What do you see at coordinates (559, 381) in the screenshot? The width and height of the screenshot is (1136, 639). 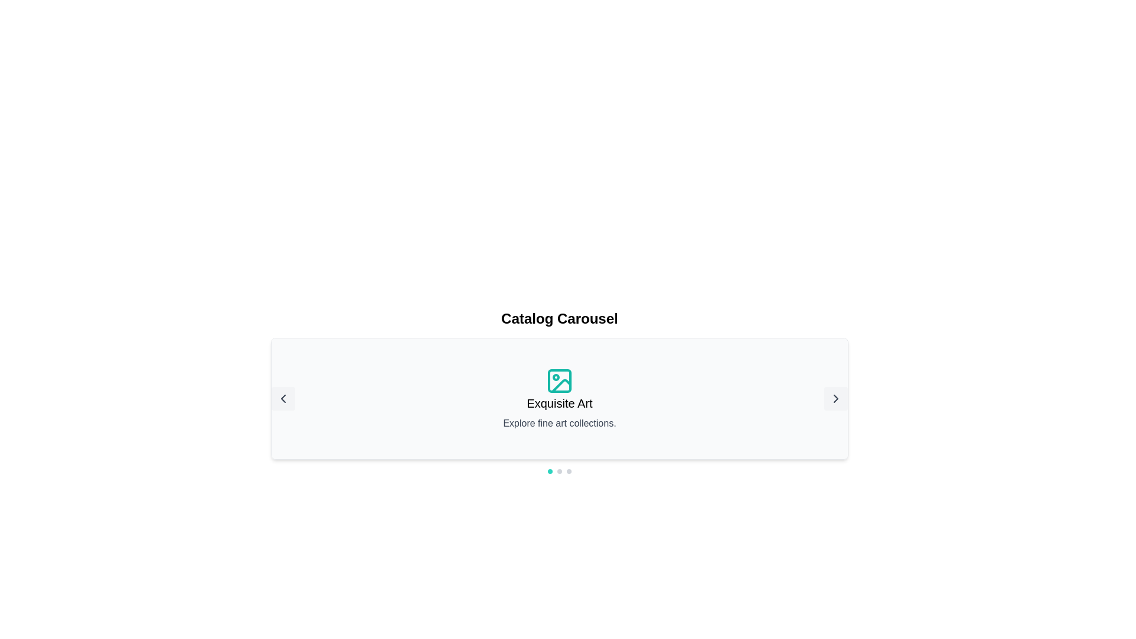 I see `the icon element depicting a stylized image representation outlined in teal color, centrally located within the 'Exquisite Art' card area` at bounding box center [559, 381].